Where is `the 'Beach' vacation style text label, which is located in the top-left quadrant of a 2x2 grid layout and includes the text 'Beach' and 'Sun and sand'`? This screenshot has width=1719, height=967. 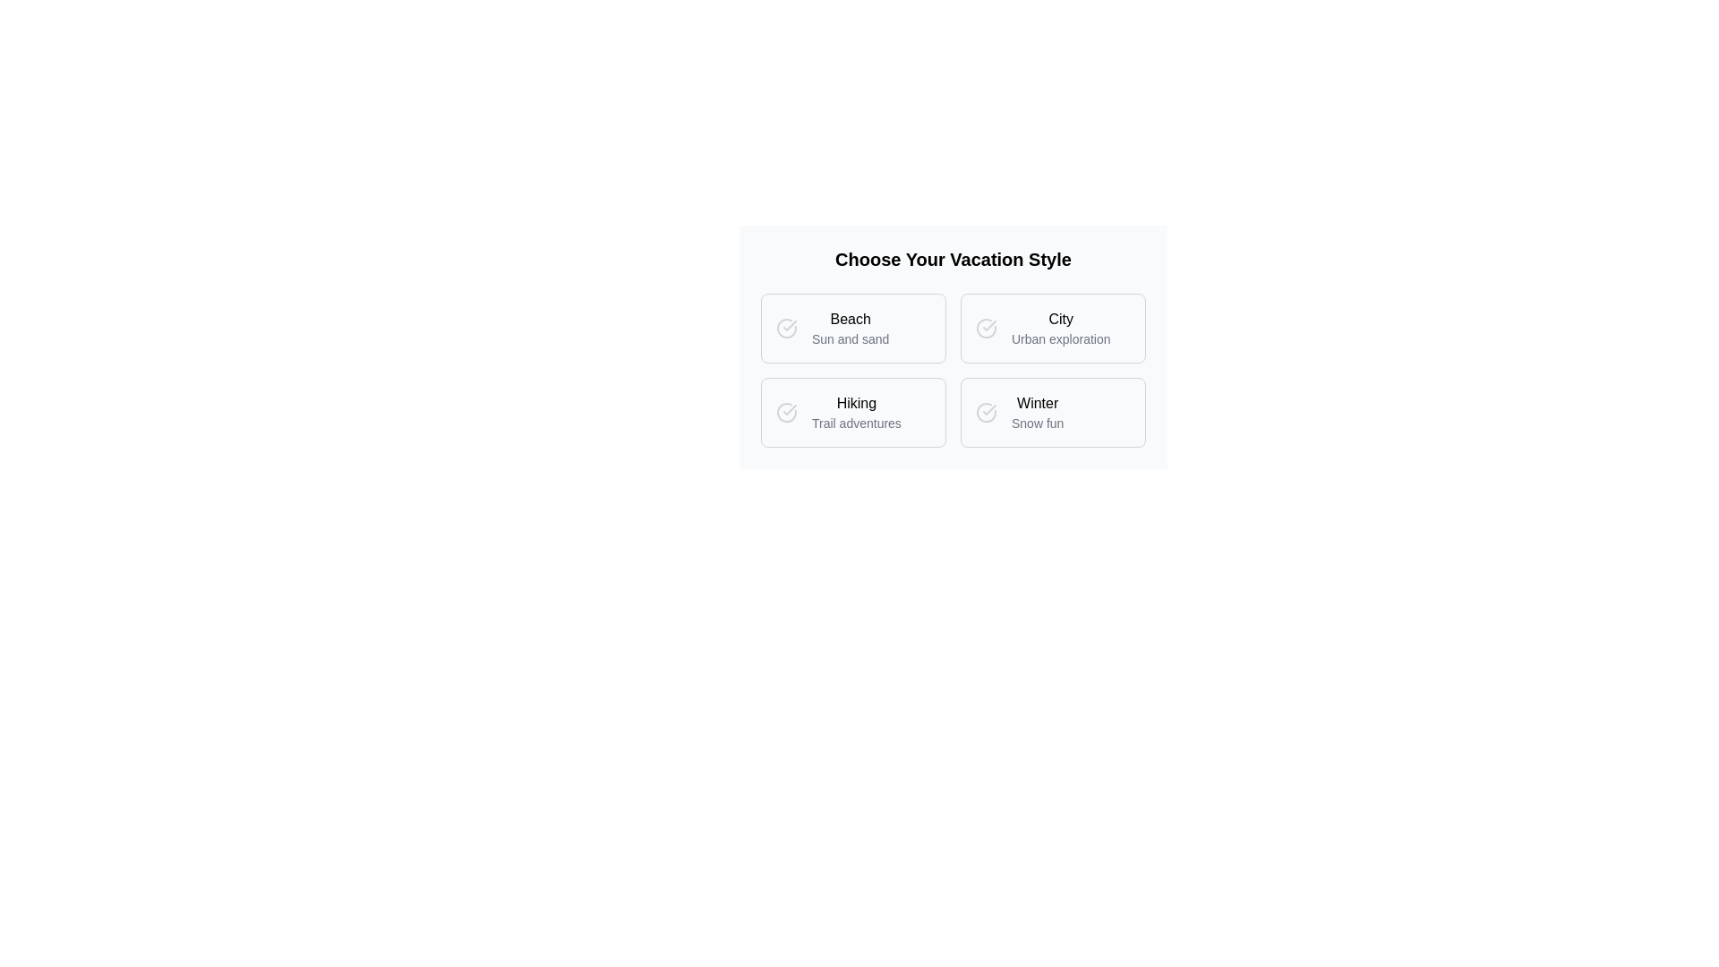 the 'Beach' vacation style text label, which is located in the top-left quadrant of a 2x2 grid layout and includes the text 'Beach' and 'Sun and sand' is located at coordinates (850, 328).